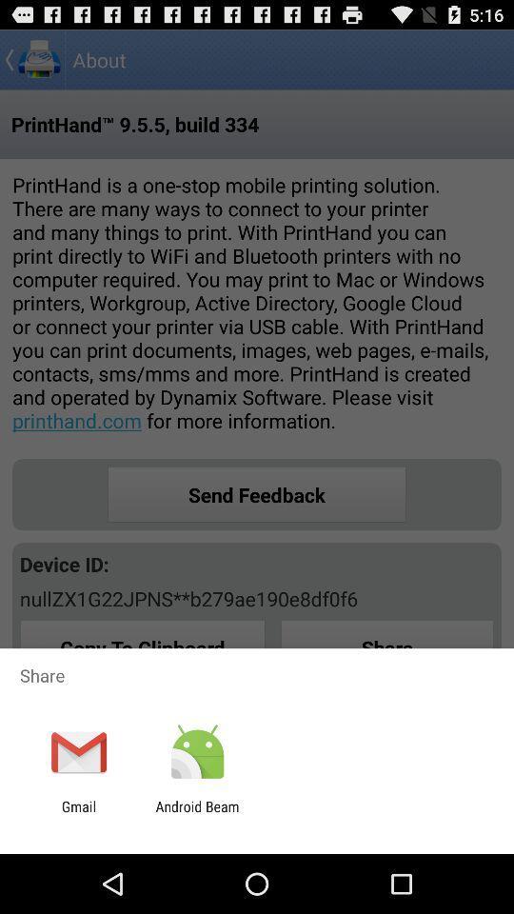  What do you see at coordinates (196, 814) in the screenshot?
I see `the android beam icon` at bounding box center [196, 814].